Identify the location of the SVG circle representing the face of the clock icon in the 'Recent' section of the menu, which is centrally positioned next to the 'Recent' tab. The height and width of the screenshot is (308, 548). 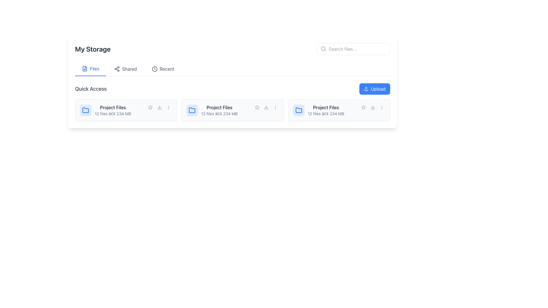
(154, 69).